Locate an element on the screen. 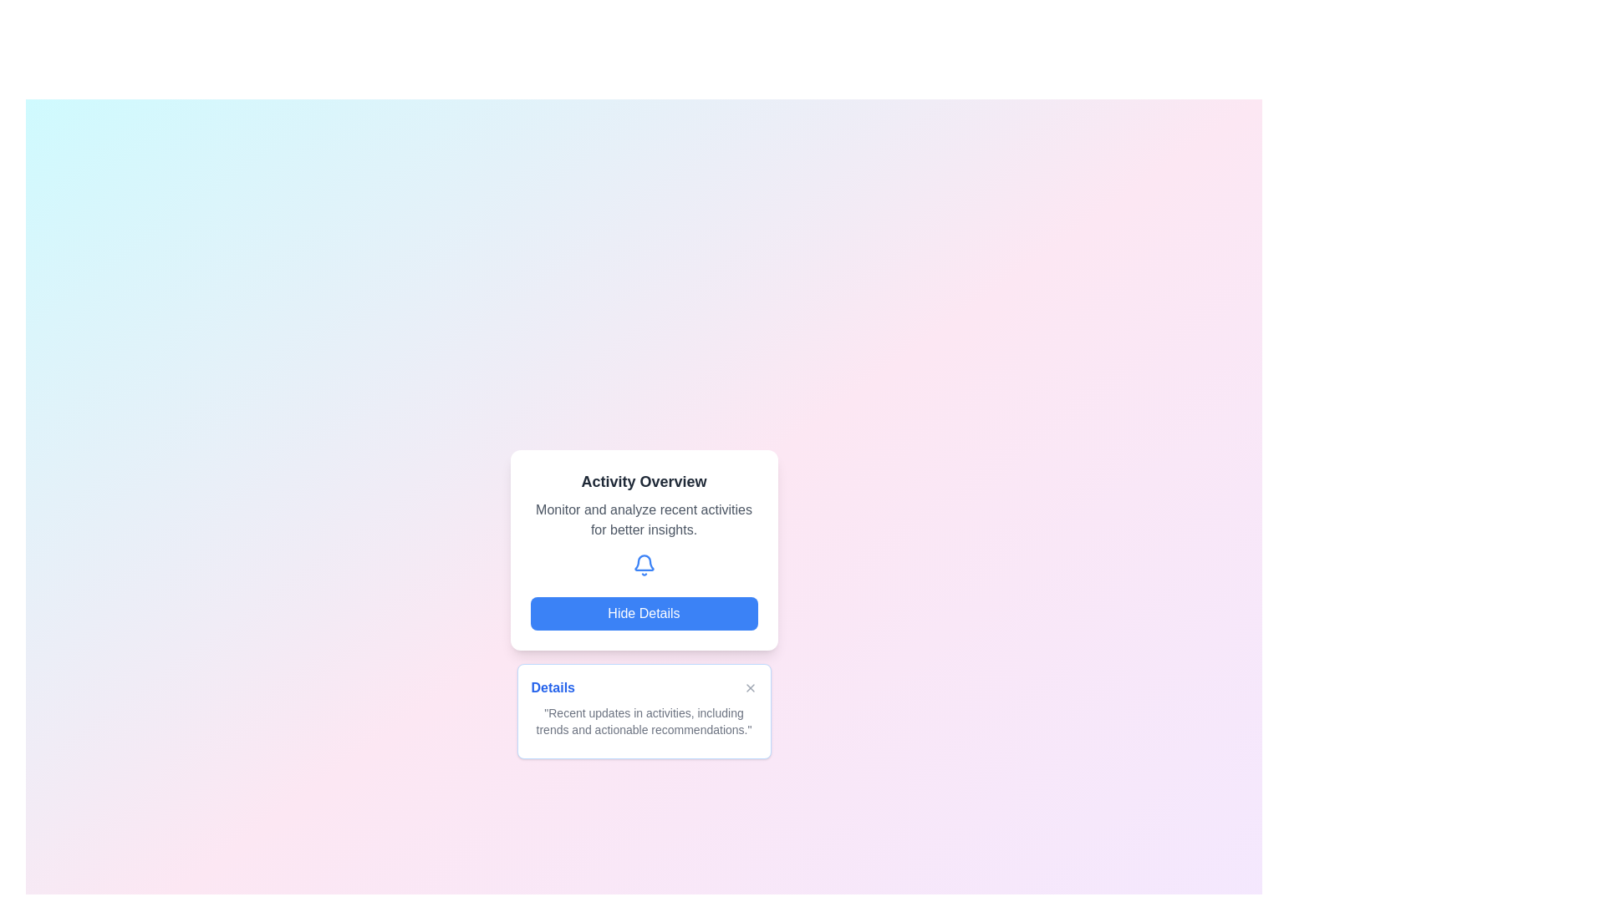  the blue rounded rectangular button labeled 'Hide Details' to trigger hover effects is located at coordinates (643, 614).